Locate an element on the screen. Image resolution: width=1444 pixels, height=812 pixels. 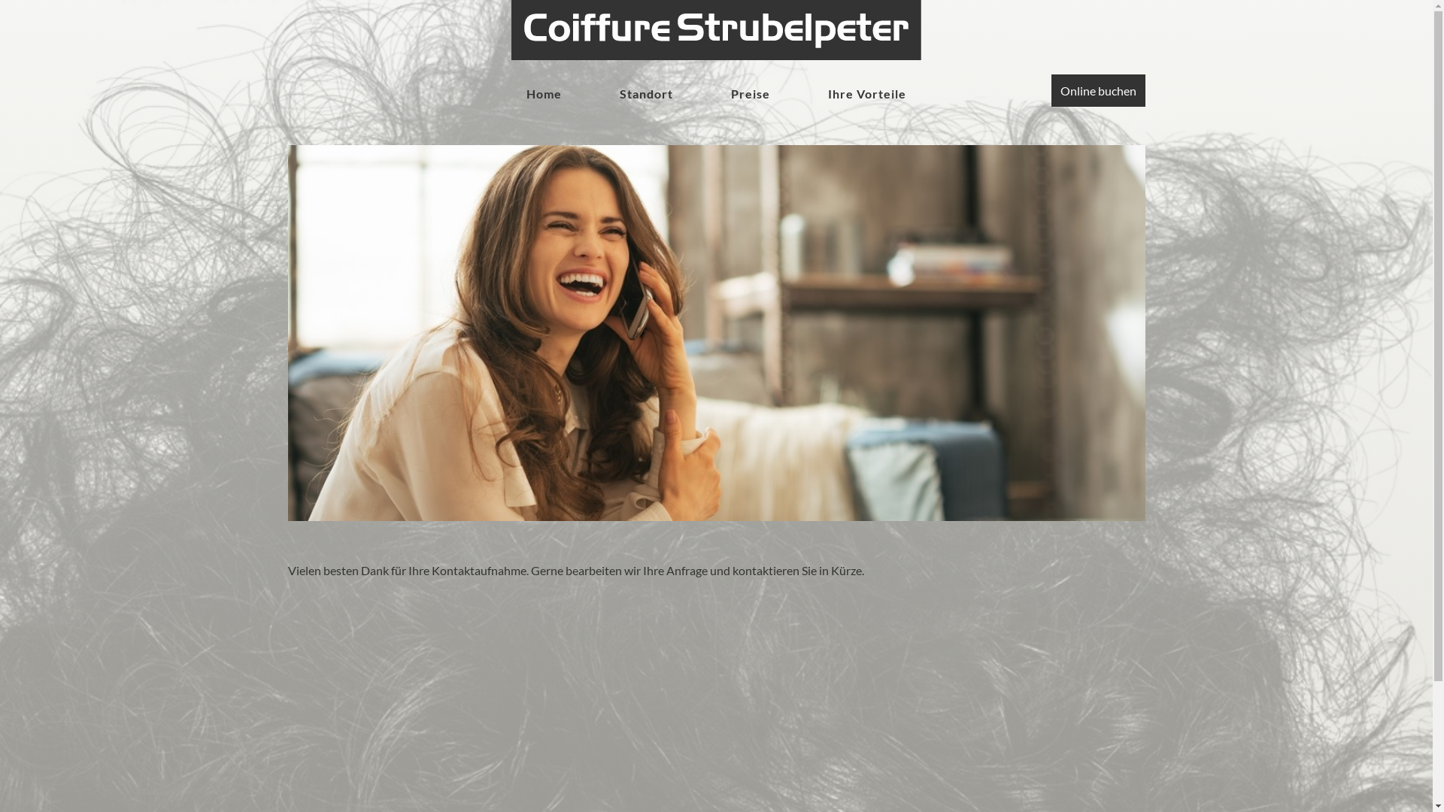
'Preise' is located at coordinates (751, 93).